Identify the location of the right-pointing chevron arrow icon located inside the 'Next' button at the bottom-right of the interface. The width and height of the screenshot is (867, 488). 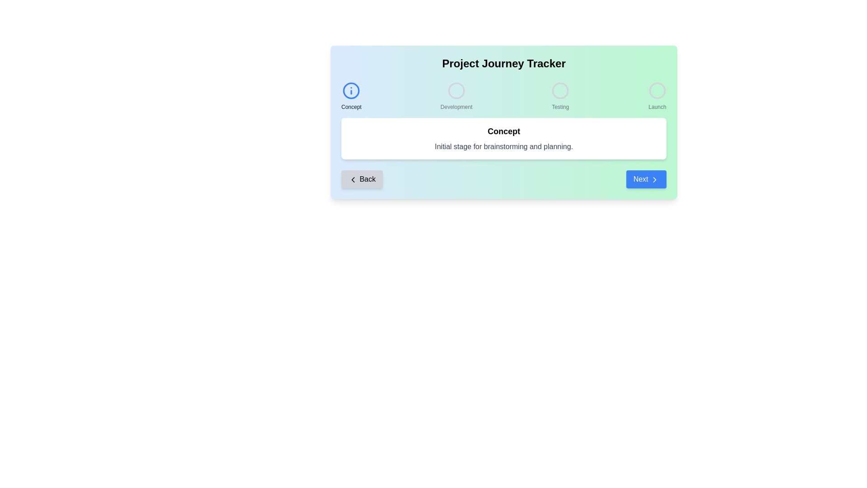
(654, 179).